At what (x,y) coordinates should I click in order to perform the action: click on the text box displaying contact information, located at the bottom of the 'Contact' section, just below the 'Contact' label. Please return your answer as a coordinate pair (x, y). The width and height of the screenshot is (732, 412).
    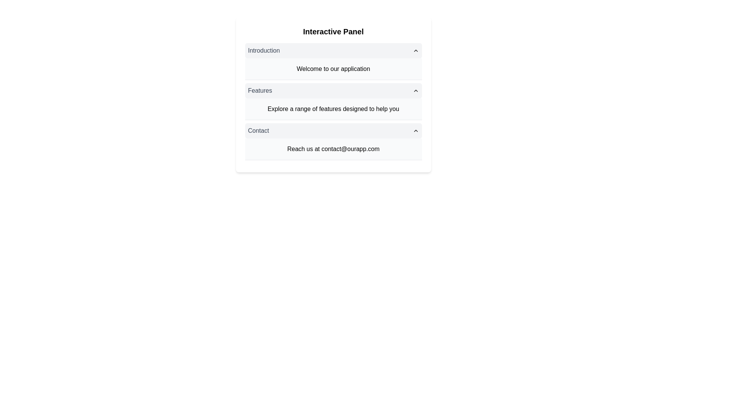
    Looking at the image, I should click on (333, 149).